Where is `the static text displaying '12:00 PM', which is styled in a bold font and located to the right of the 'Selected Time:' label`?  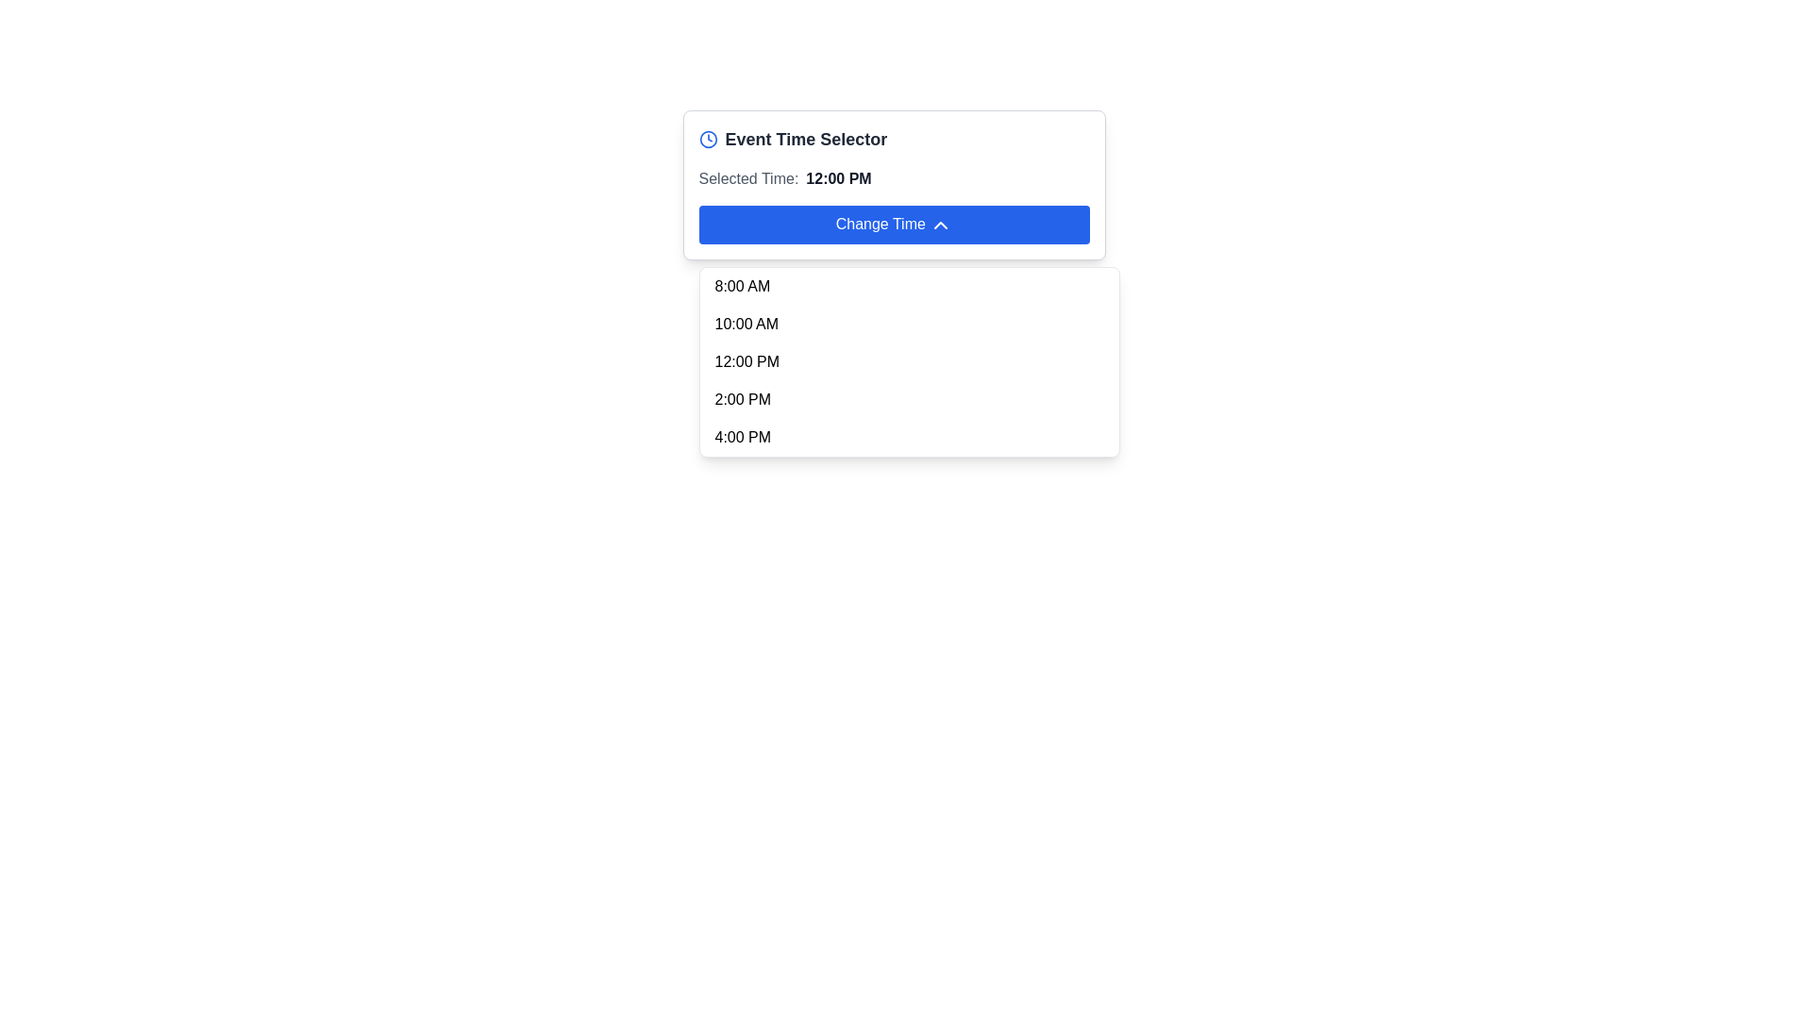
the static text displaying '12:00 PM', which is styled in a bold font and located to the right of the 'Selected Time:' label is located at coordinates (837, 178).